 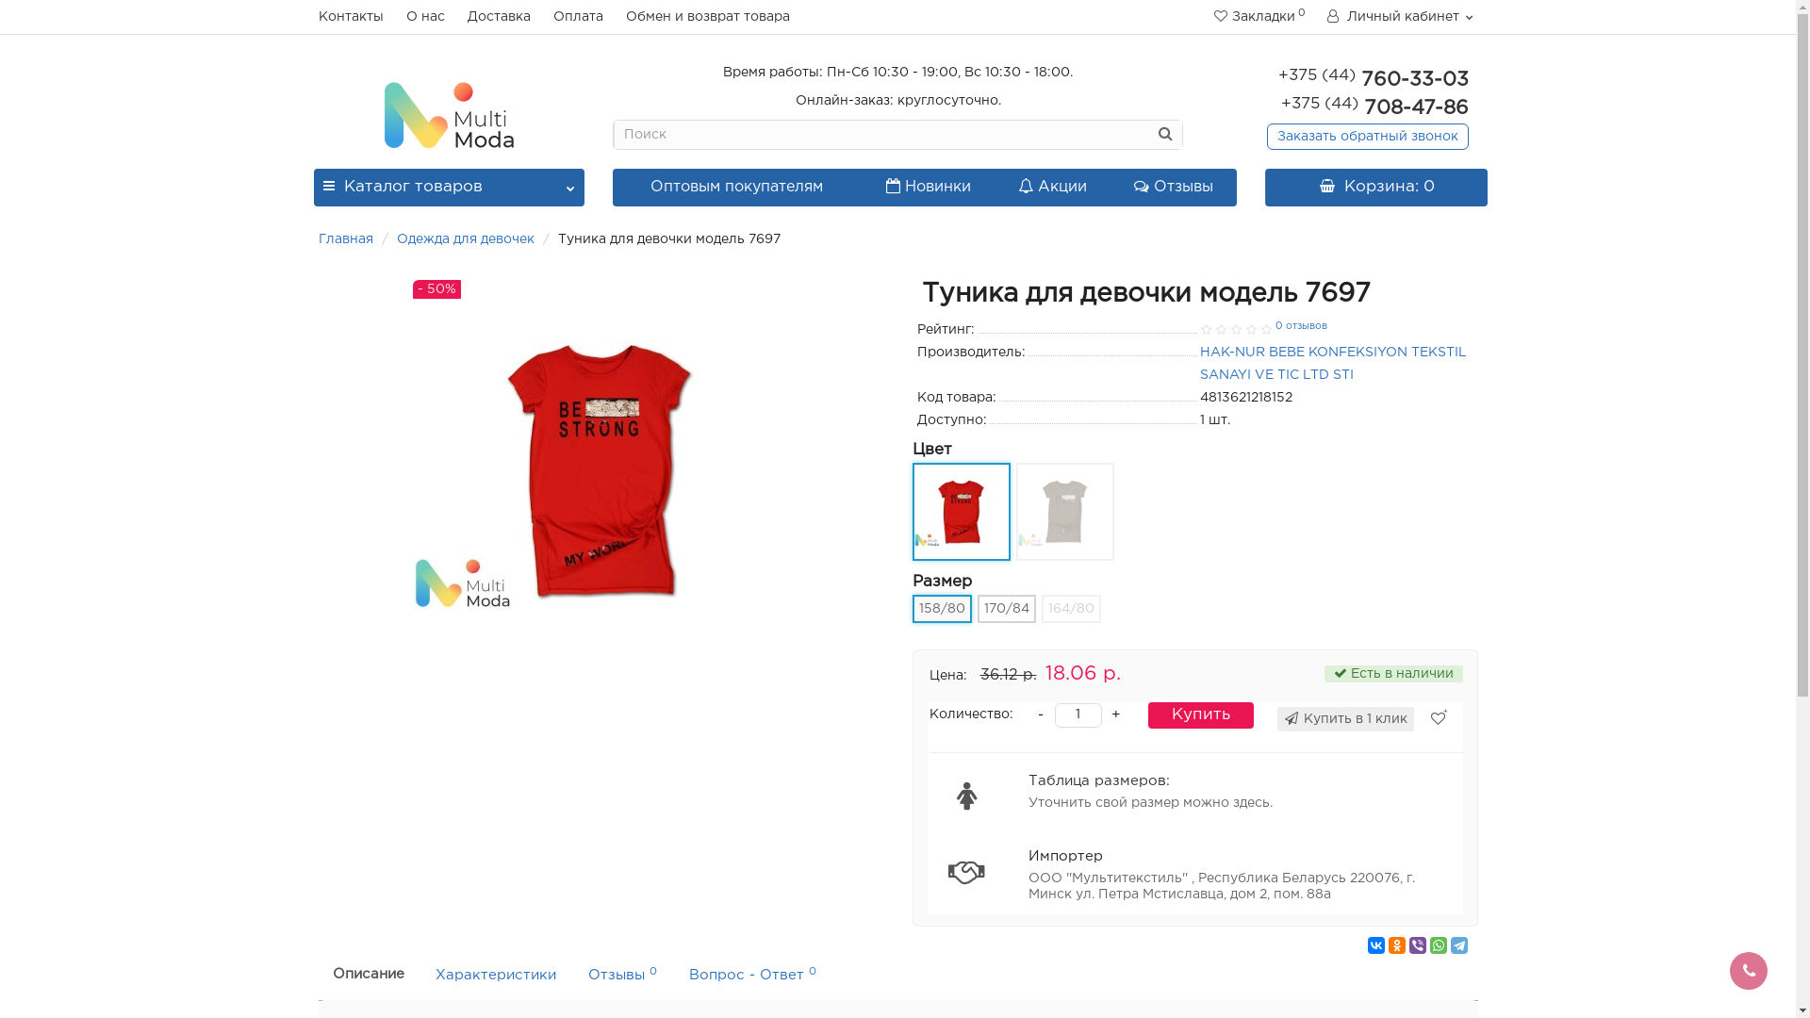 What do you see at coordinates (1332, 363) in the screenshot?
I see `'HAK-NUR BEBE KONFEKSIYON TEKSTIL SANAYI VE TIC LTD STI'` at bounding box center [1332, 363].